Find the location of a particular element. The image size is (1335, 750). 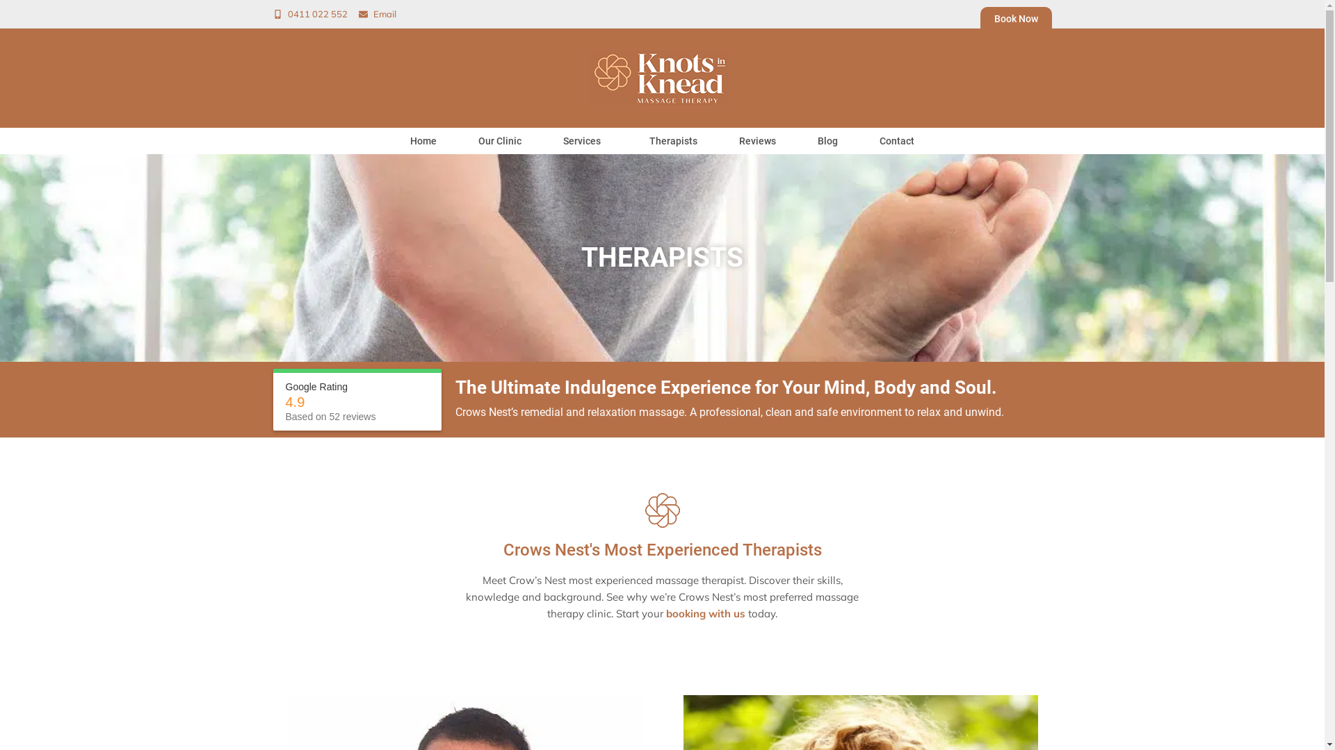

'Book Now' is located at coordinates (1016, 17).